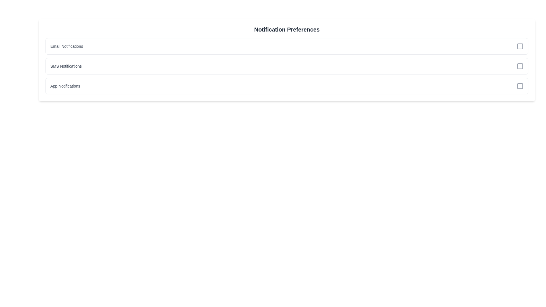 This screenshot has width=546, height=307. I want to click on the Checkbox icon located to the far right of the 'Email Notifications' row, so click(520, 46).